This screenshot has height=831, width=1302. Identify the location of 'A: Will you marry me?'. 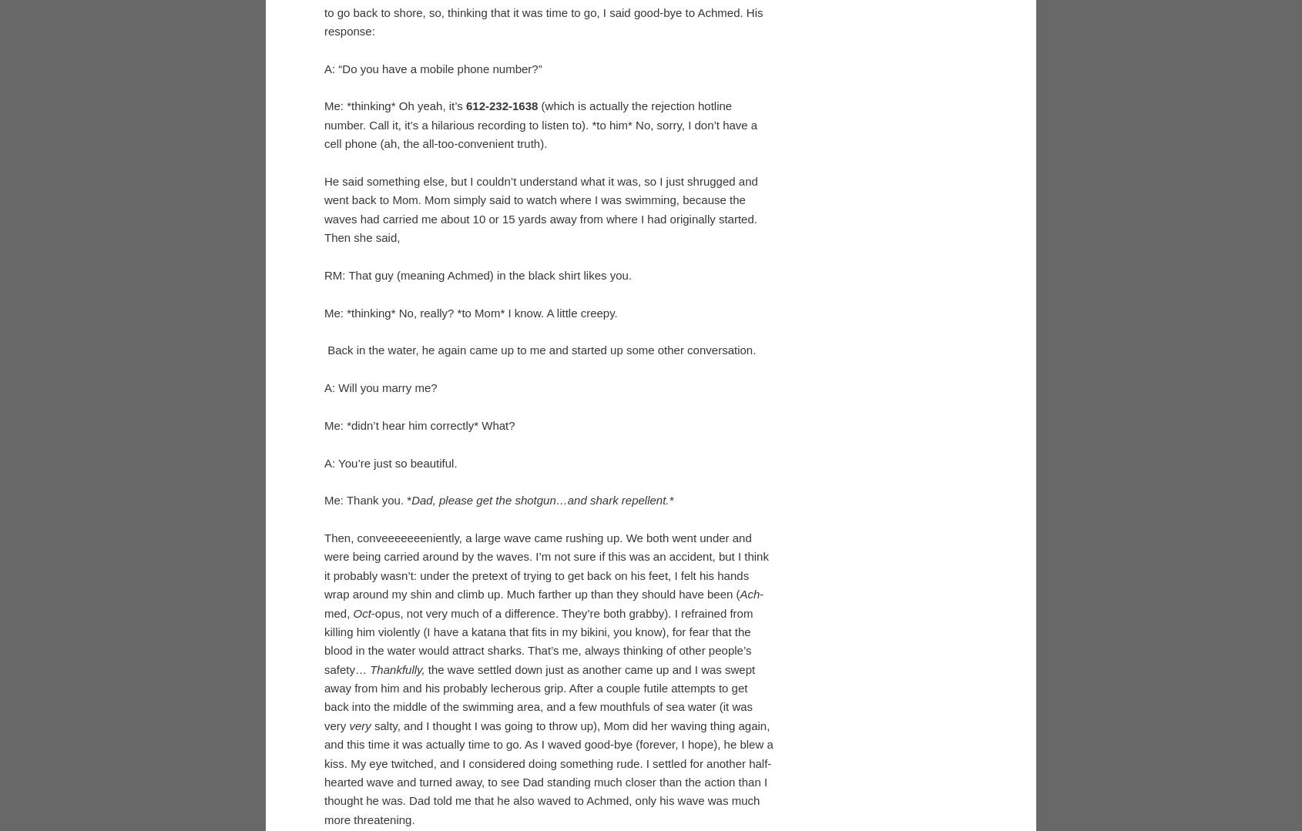
(380, 639).